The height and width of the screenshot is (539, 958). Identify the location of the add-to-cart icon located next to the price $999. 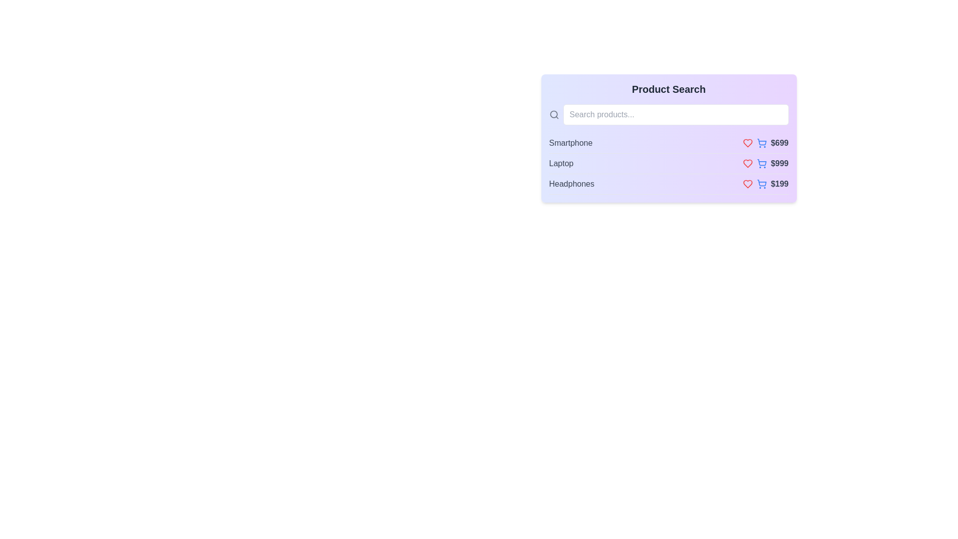
(761, 162).